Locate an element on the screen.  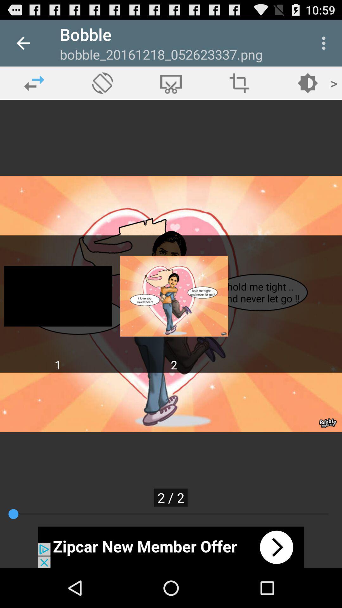
the explore icon is located at coordinates (102, 74).